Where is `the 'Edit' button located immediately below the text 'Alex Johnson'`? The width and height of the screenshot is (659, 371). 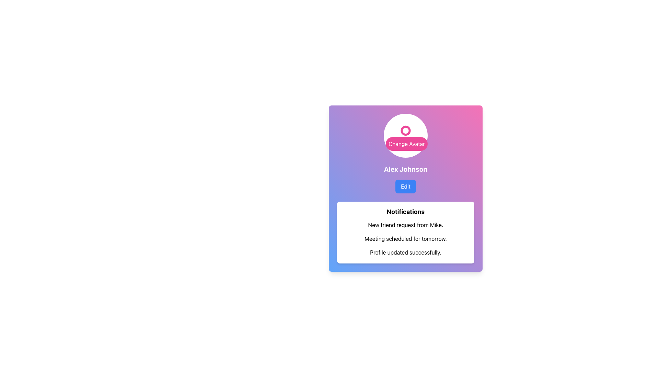
the 'Edit' button located immediately below the text 'Alex Johnson' is located at coordinates (405, 187).